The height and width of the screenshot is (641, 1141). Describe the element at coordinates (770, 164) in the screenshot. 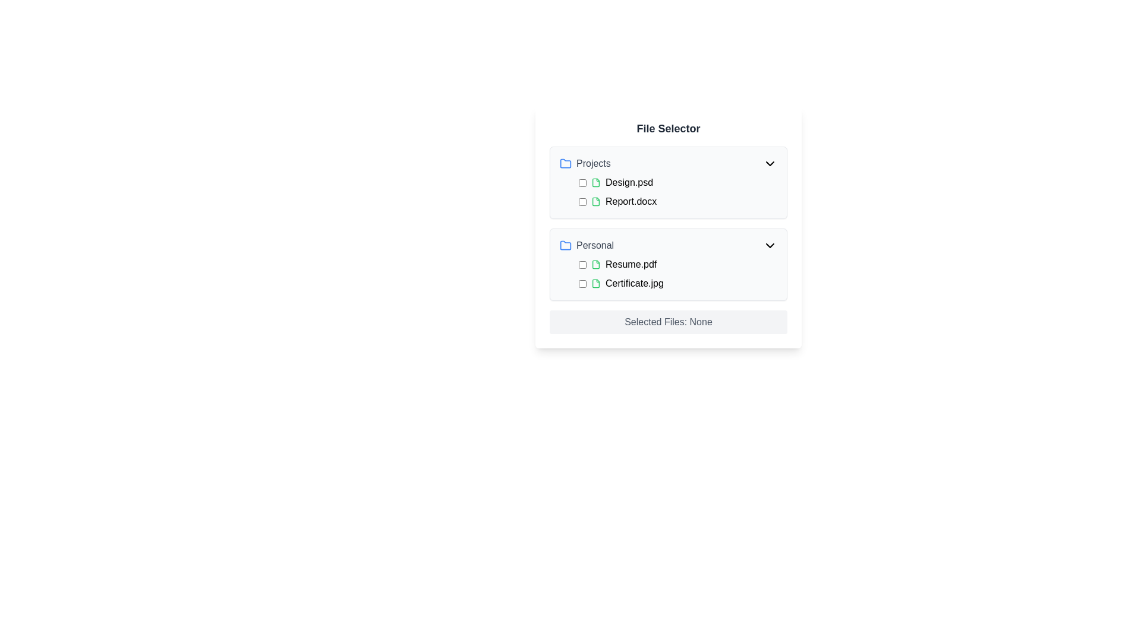

I see `the chevron icon in the top-right corner of the 'Projects' section` at that location.